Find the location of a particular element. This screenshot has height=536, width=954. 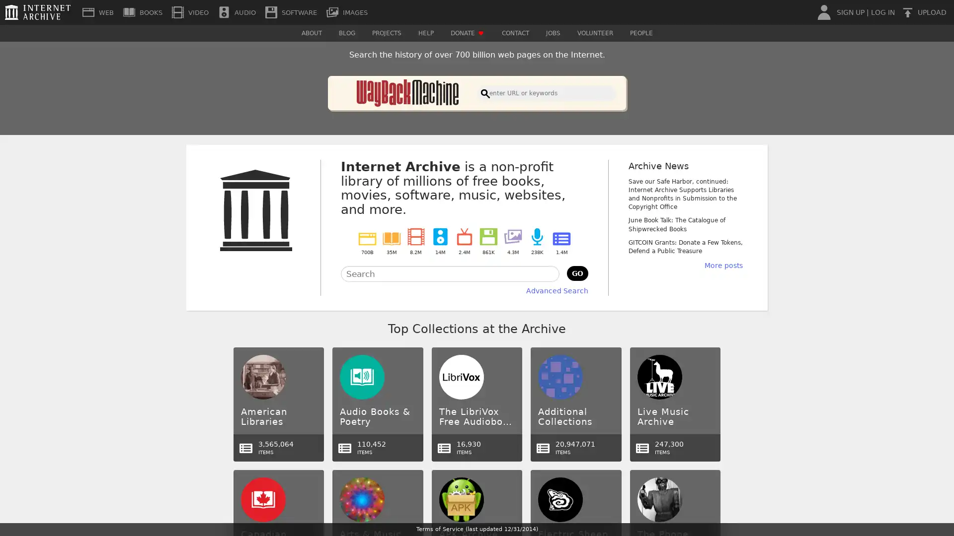

GO is located at coordinates (577, 273).